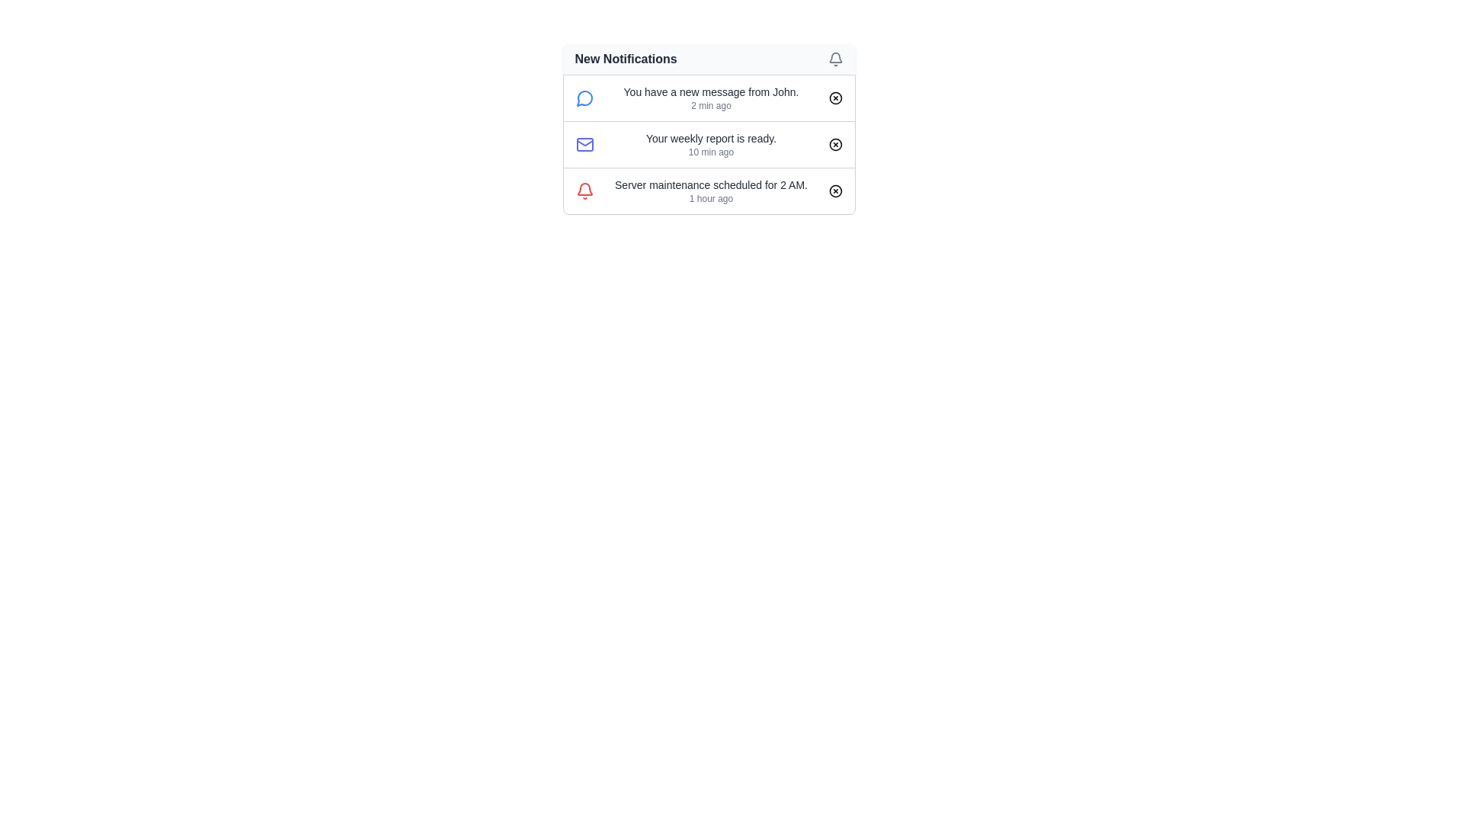 Image resolution: width=1463 pixels, height=823 pixels. I want to click on the chat bubble icon, which is a compact vector graphic with a blue stroke, located in the topmost notification entry for a message from 'John', to associate it with its corresponding notification text entry, so click(584, 98).